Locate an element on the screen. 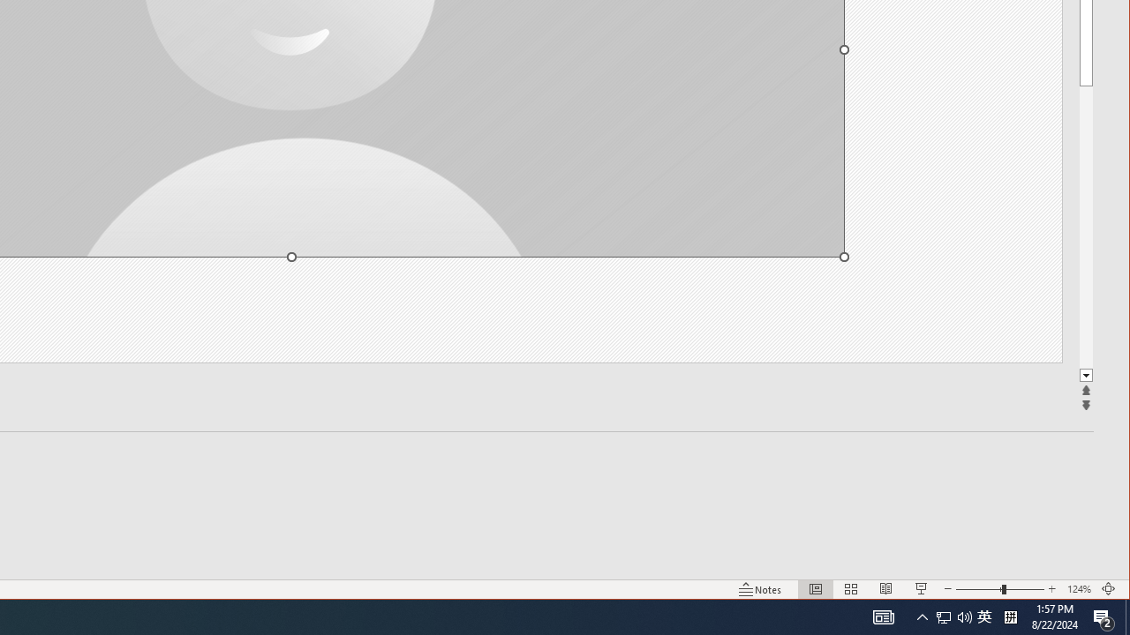 This screenshot has height=635, width=1130. 'Zoom Out' is located at coordinates (978, 589).